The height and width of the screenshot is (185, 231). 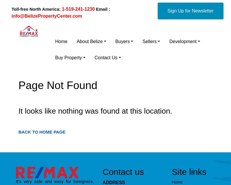 What do you see at coordinates (89, 41) in the screenshot?
I see `'About Belize'` at bounding box center [89, 41].